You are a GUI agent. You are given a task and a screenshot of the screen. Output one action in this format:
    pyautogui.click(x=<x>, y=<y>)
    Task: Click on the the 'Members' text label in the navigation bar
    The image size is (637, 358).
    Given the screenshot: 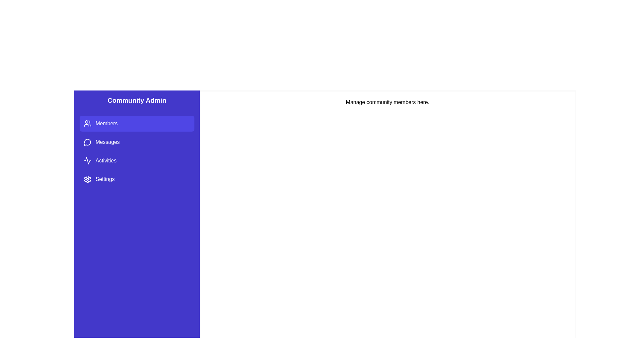 What is the action you would take?
    pyautogui.click(x=106, y=124)
    